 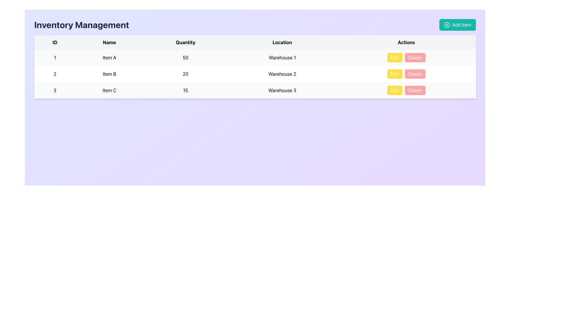 What do you see at coordinates (395, 74) in the screenshot?
I see `the edit button located in the 'Actions' column of the second row of the table` at bounding box center [395, 74].